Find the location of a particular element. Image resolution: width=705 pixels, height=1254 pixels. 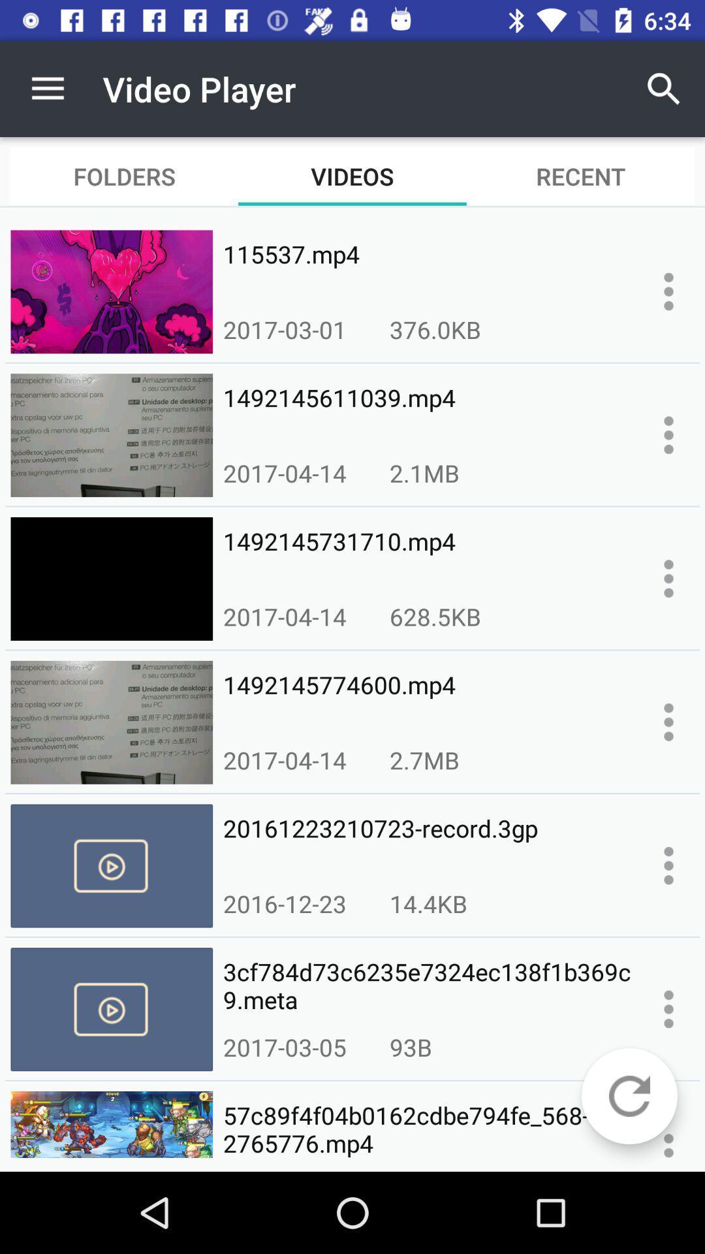

settings on the picture is located at coordinates (668, 435).